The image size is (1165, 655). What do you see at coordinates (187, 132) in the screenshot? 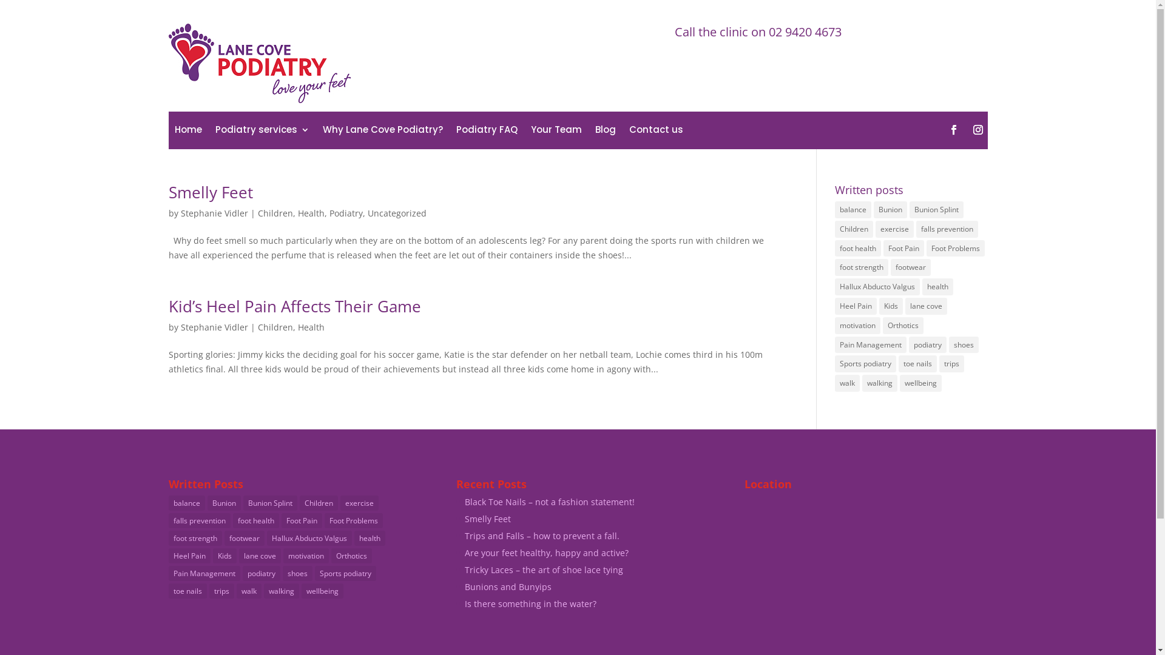
I see `'Home'` at bounding box center [187, 132].